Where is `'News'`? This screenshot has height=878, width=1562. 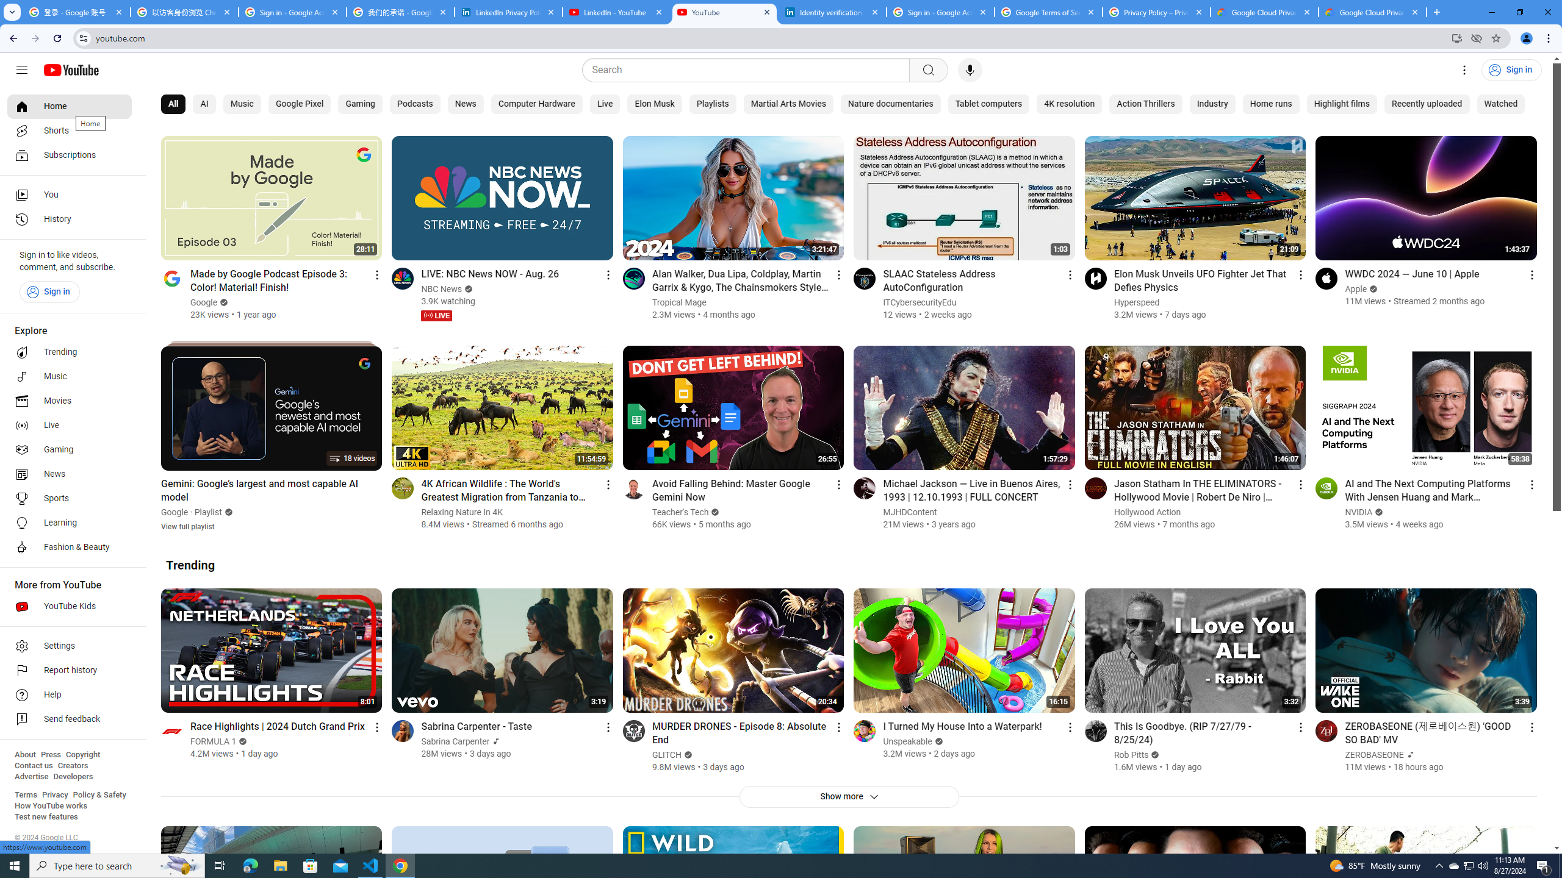
'News' is located at coordinates (465, 104).